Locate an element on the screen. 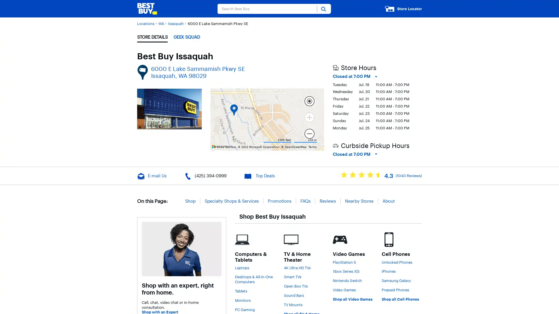 Image resolution: width=559 pixels, height=314 pixels. Current Level 15, Zoom In Zoom in Disabled is located at coordinates (309, 117).